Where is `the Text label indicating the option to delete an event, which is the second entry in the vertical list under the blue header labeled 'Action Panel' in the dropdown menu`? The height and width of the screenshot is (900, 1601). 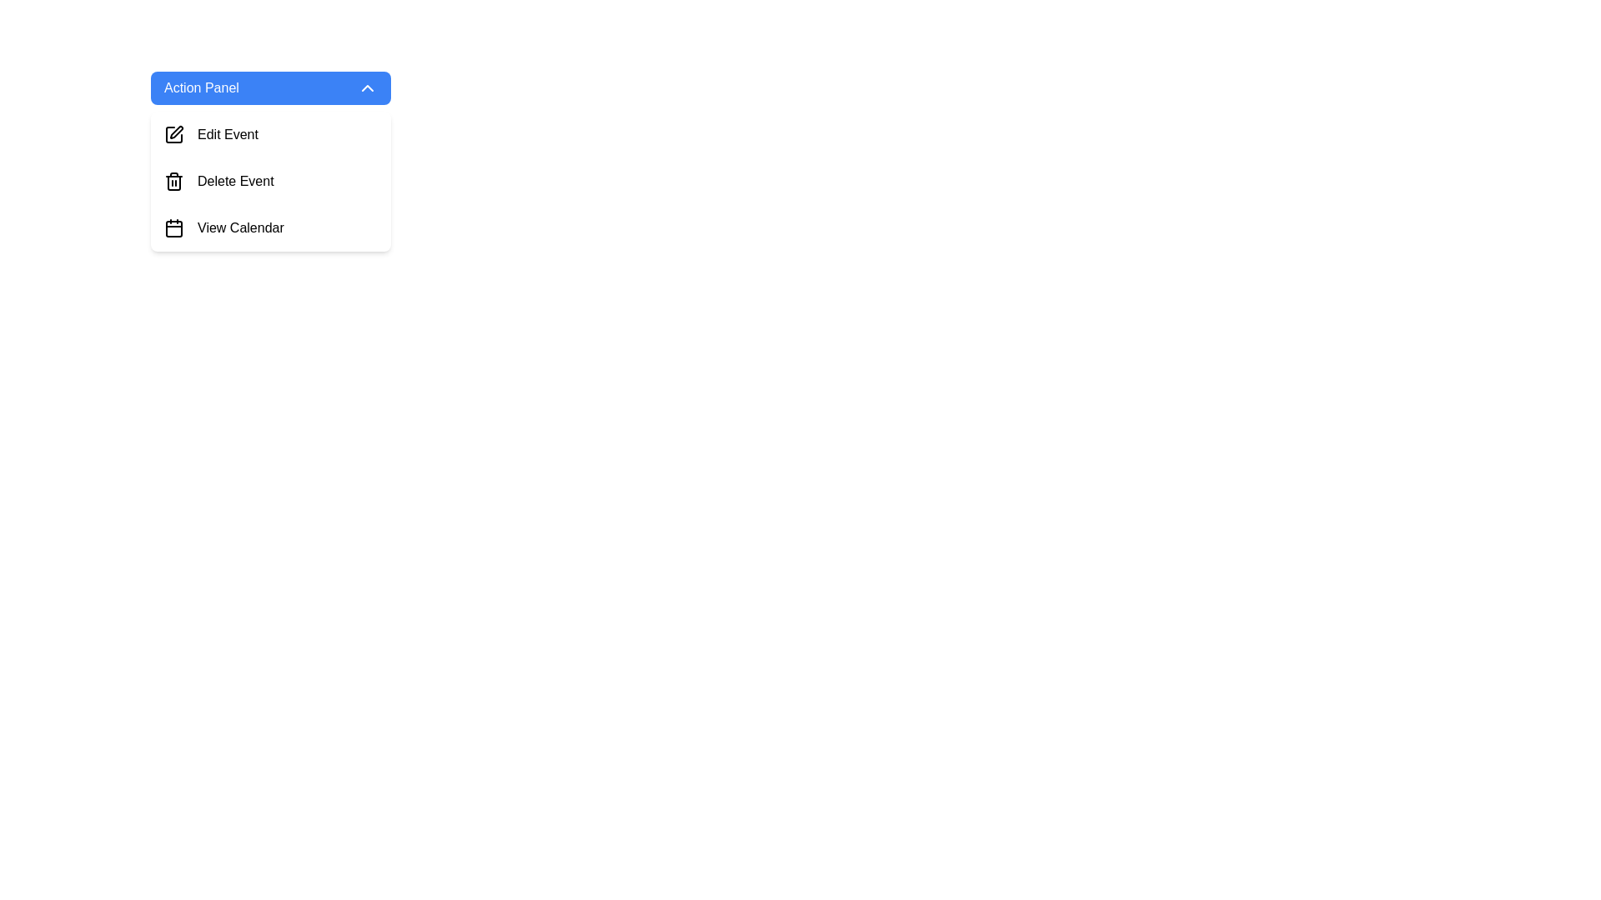 the Text label indicating the option to delete an event, which is the second entry in the vertical list under the blue header labeled 'Action Panel' in the dropdown menu is located at coordinates (234, 182).